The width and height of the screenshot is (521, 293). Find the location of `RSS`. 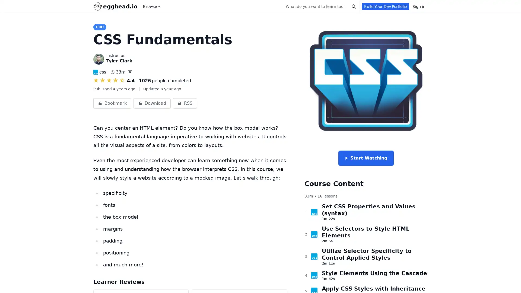

RSS is located at coordinates (185, 103).